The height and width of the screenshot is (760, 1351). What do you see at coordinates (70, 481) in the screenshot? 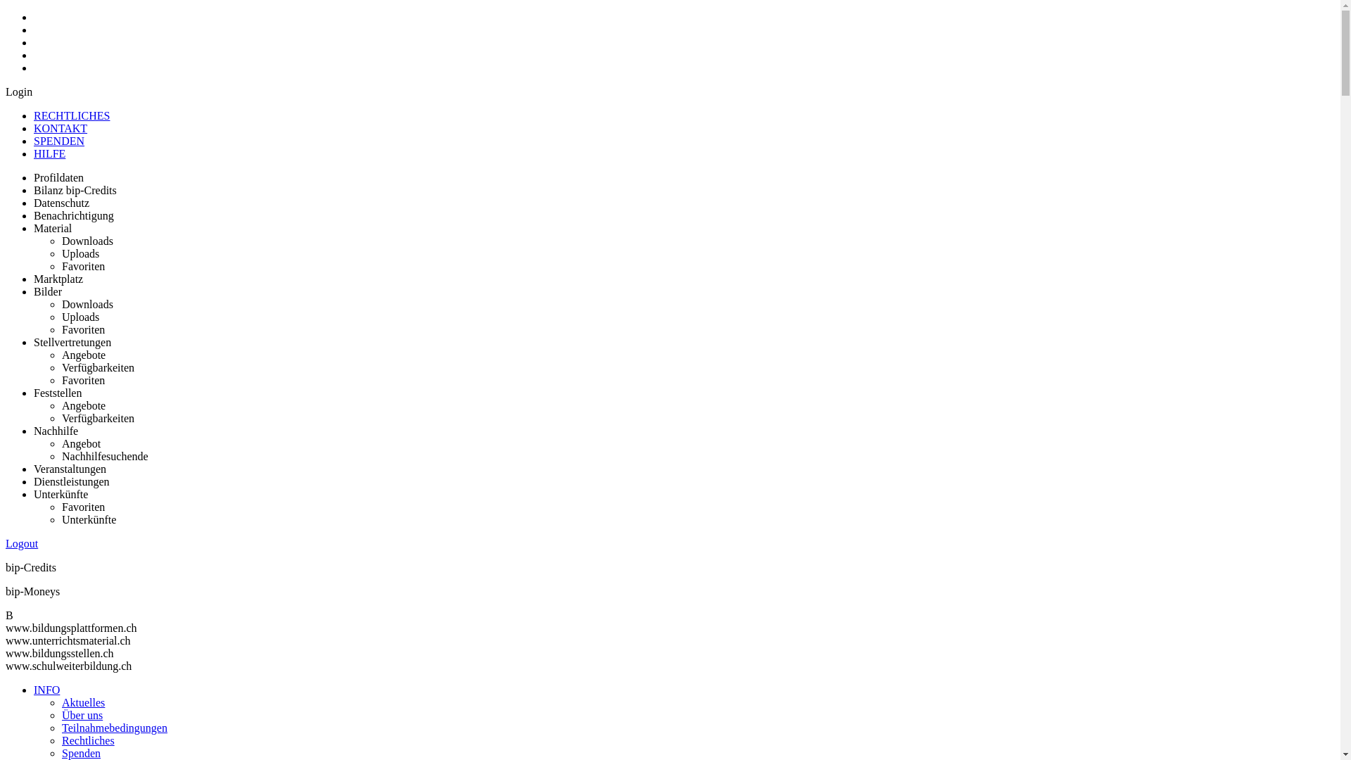
I see `'Dienstleistungen'` at bounding box center [70, 481].